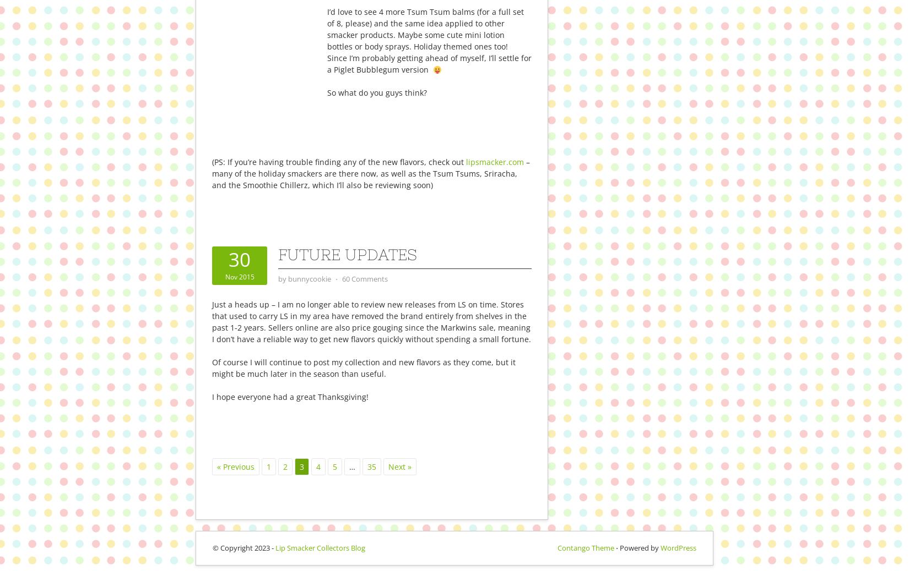  Describe the element at coordinates (429, 39) in the screenshot. I see `'I’d love to see 4 more Tsum Tsum balms (for a full set of 8, please) and the same idea applied to other smacker products. Maybe some cute mini lotion bottles or body sprays. Holiday themed ones too! Since I’m probably getting ahead of myself, I’ll settle for a Piglet Bubblegum version'` at that location.